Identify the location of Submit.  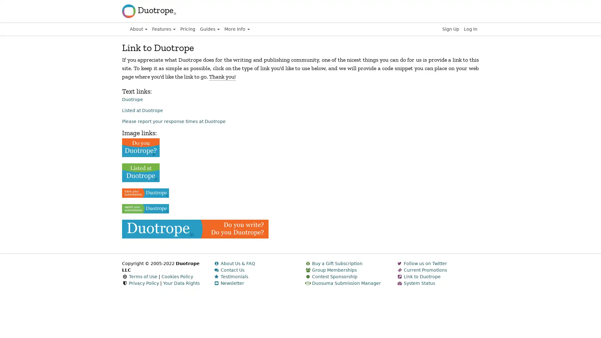
(195, 229).